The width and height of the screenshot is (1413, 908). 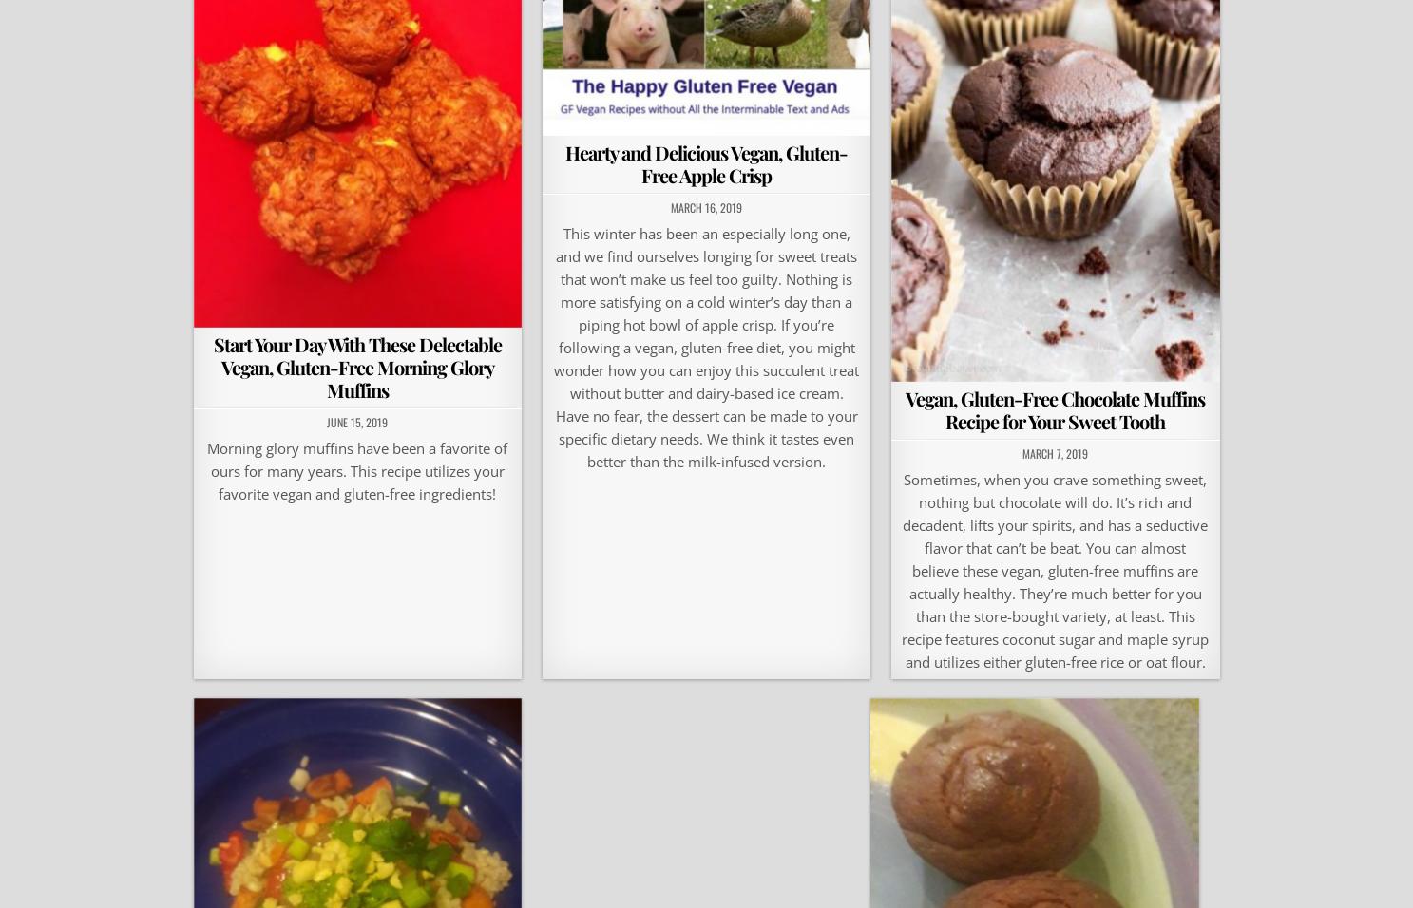 I want to click on 'June 15, 2019', so click(x=357, y=421).